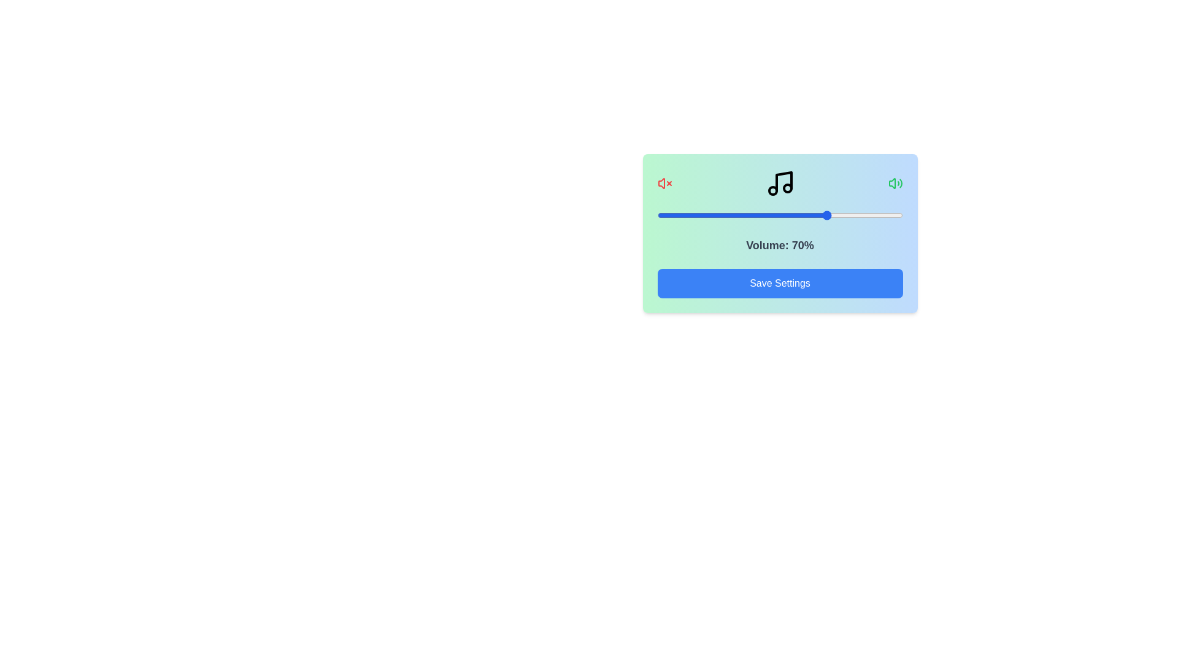 The width and height of the screenshot is (1178, 663). Describe the element at coordinates (895, 184) in the screenshot. I see `the volume icon to perform its respective action` at that location.